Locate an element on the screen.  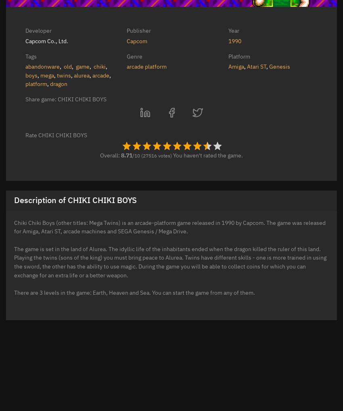
'Description of CHIKI CHIKI BOYS' is located at coordinates (14, 199).